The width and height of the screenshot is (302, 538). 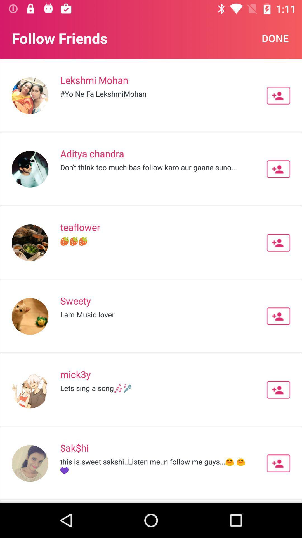 What do you see at coordinates (278, 463) in the screenshot?
I see `friend` at bounding box center [278, 463].